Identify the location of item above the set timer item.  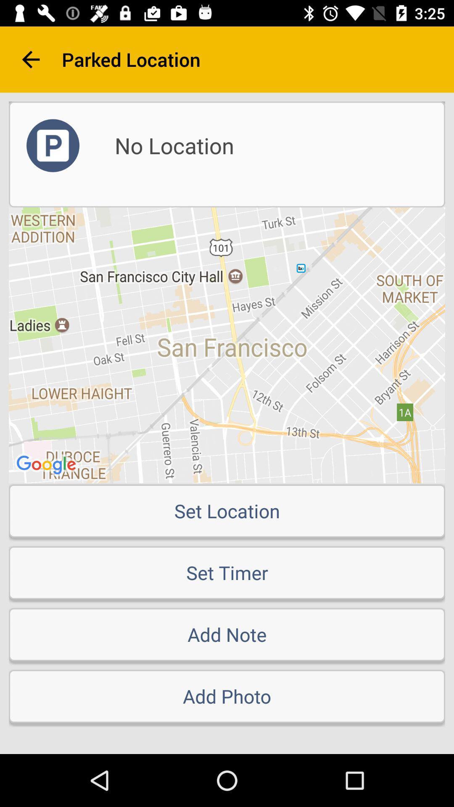
(227, 510).